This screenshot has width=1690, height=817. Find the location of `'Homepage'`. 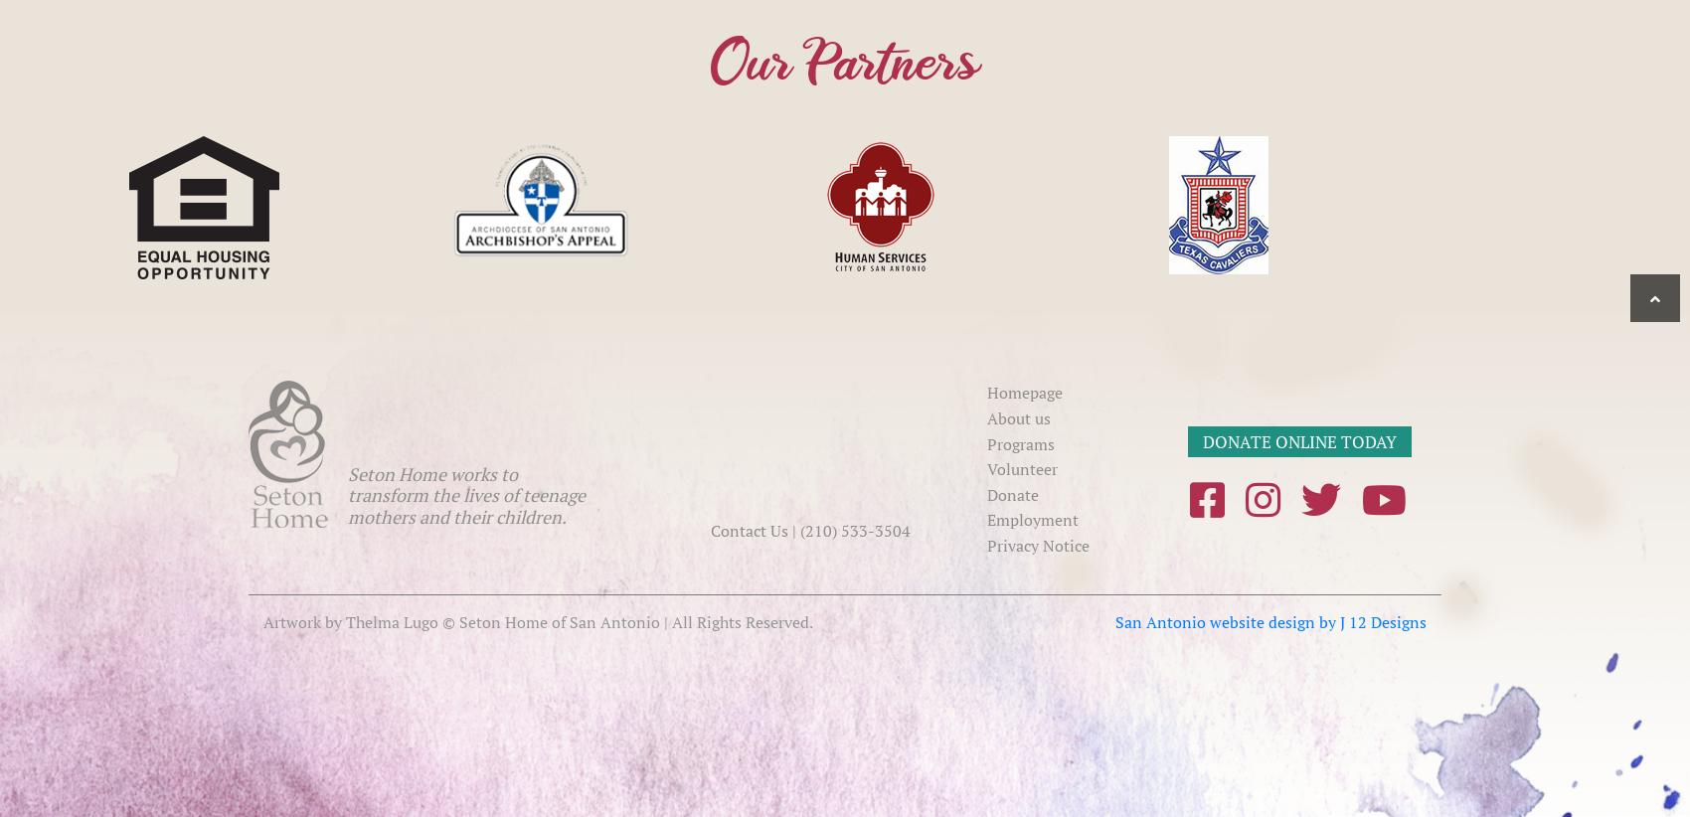

'Homepage' is located at coordinates (984, 392).